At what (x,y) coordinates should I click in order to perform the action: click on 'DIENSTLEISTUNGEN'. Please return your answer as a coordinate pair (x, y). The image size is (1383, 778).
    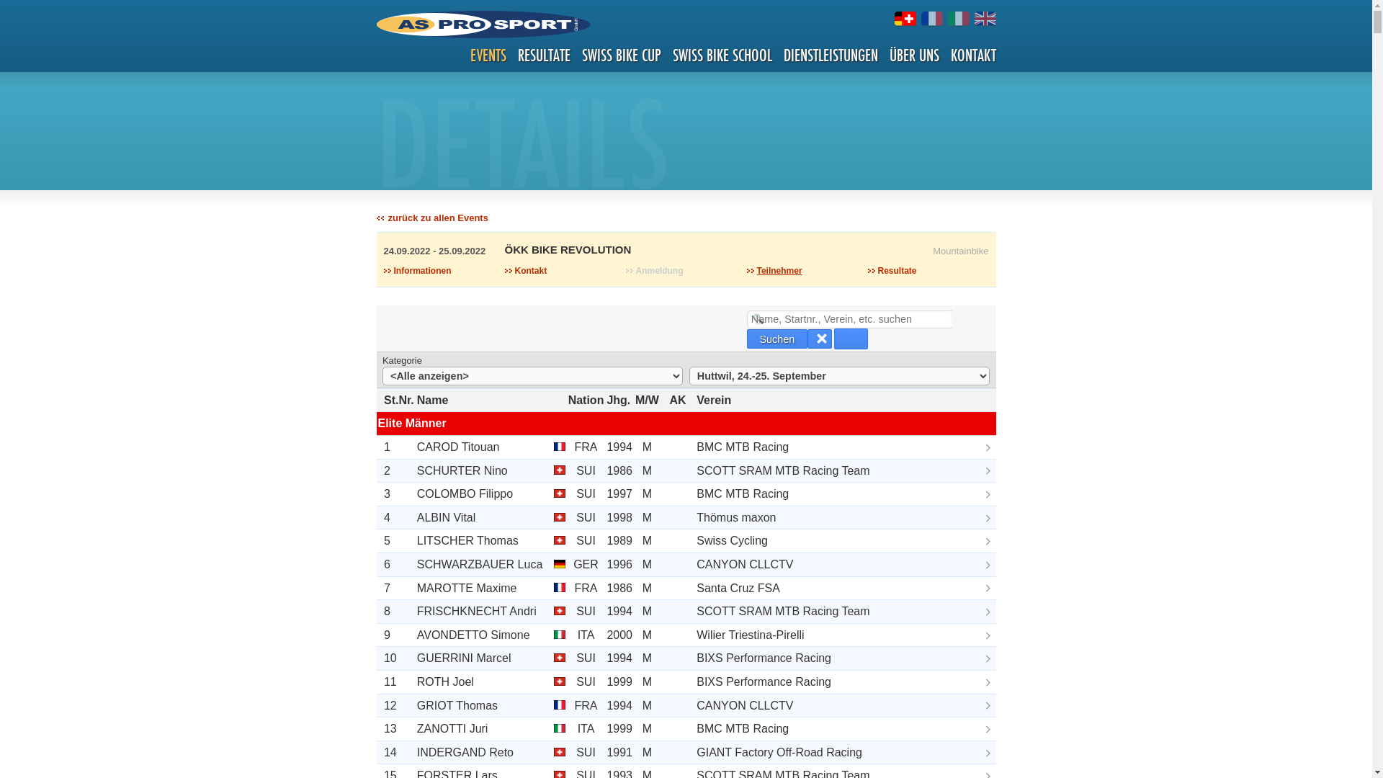
    Looking at the image, I should click on (831, 54).